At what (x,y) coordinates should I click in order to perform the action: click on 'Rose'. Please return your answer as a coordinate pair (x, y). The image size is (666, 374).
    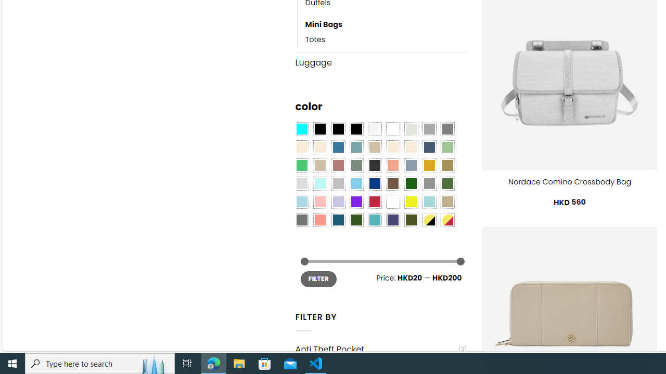
    Looking at the image, I should click on (338, 165).